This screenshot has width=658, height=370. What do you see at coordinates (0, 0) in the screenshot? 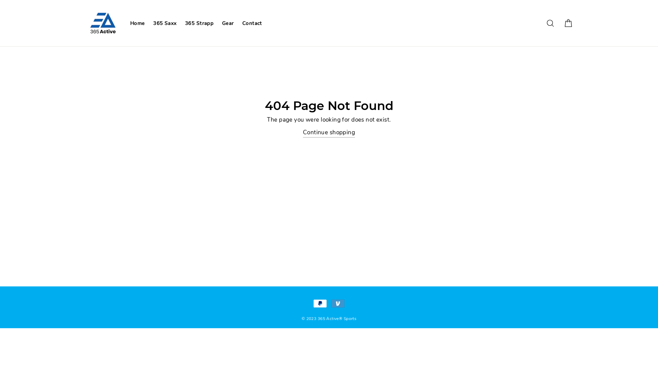
I see `'Skip to content'` at bounding box center [0, 0].